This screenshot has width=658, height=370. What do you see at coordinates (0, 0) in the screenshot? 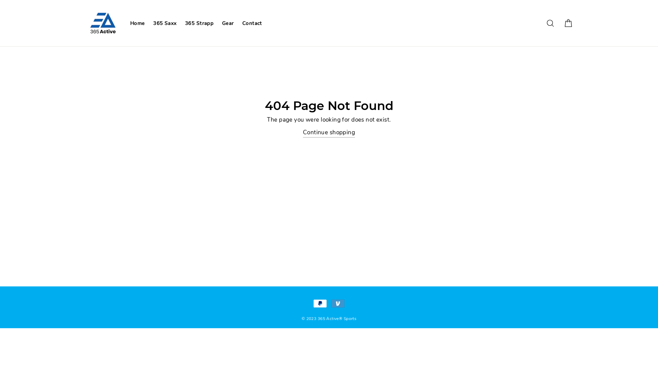
I see `'Skip to content'` at bounding box center [0, 0].